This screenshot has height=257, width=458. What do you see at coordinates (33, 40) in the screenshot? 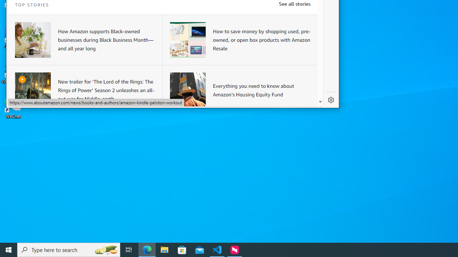
I see `'A woman sitting at a desk working on a laptop device.'` at bounding box center [33, 40].